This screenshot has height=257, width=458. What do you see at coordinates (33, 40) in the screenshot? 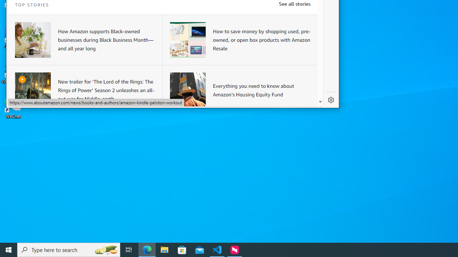
I see `'A woman sitting at a desk working on a laptop device.'` at bounding box center [33, 40].